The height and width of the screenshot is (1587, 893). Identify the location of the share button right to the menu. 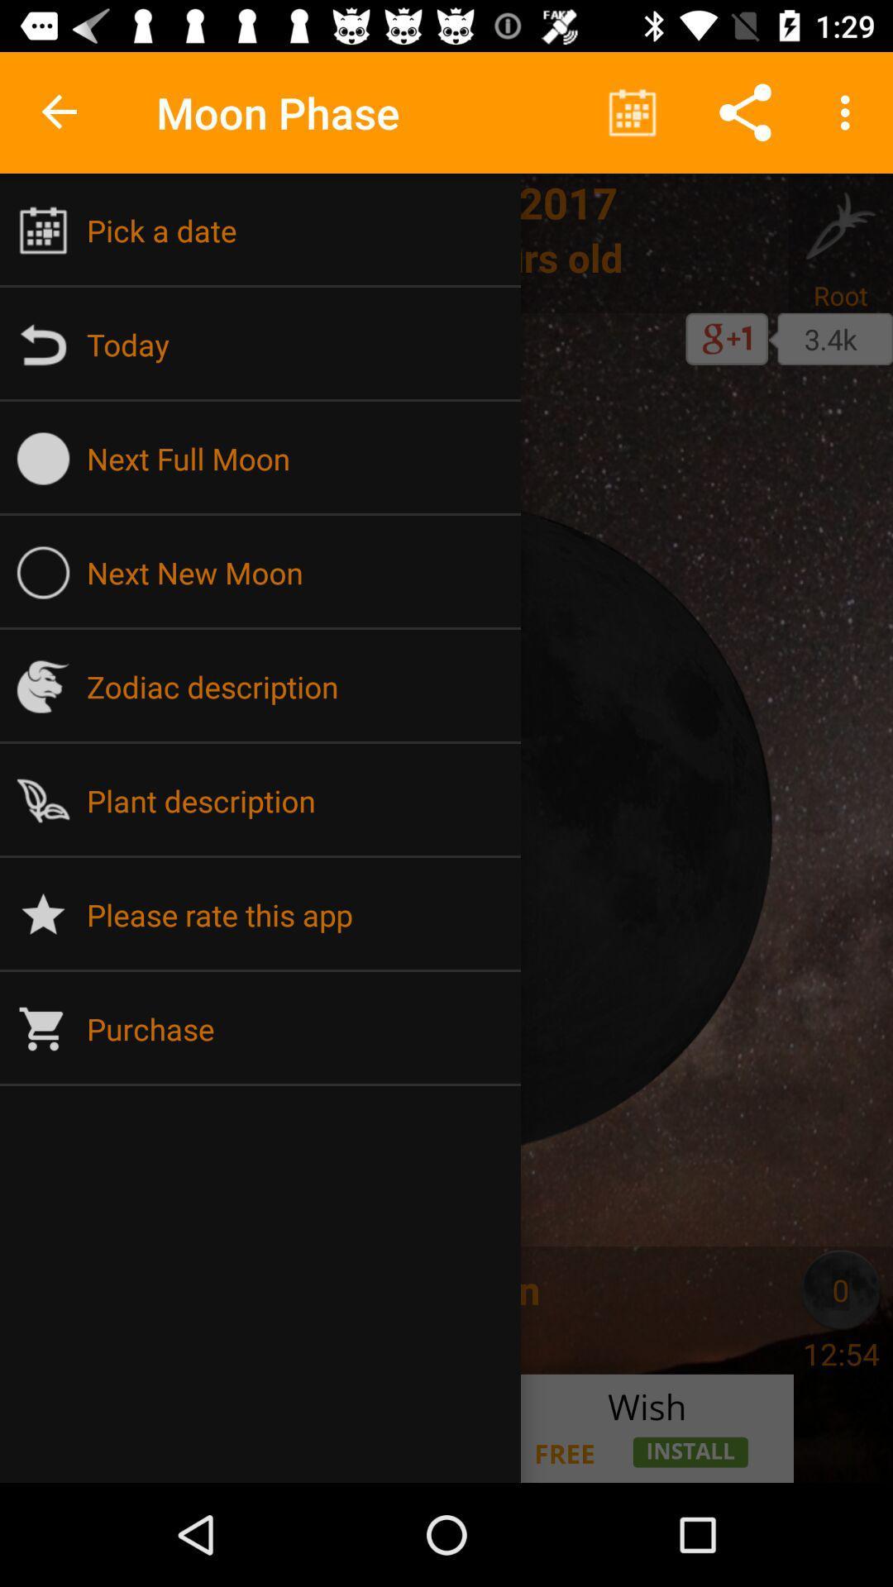
(746, 112).